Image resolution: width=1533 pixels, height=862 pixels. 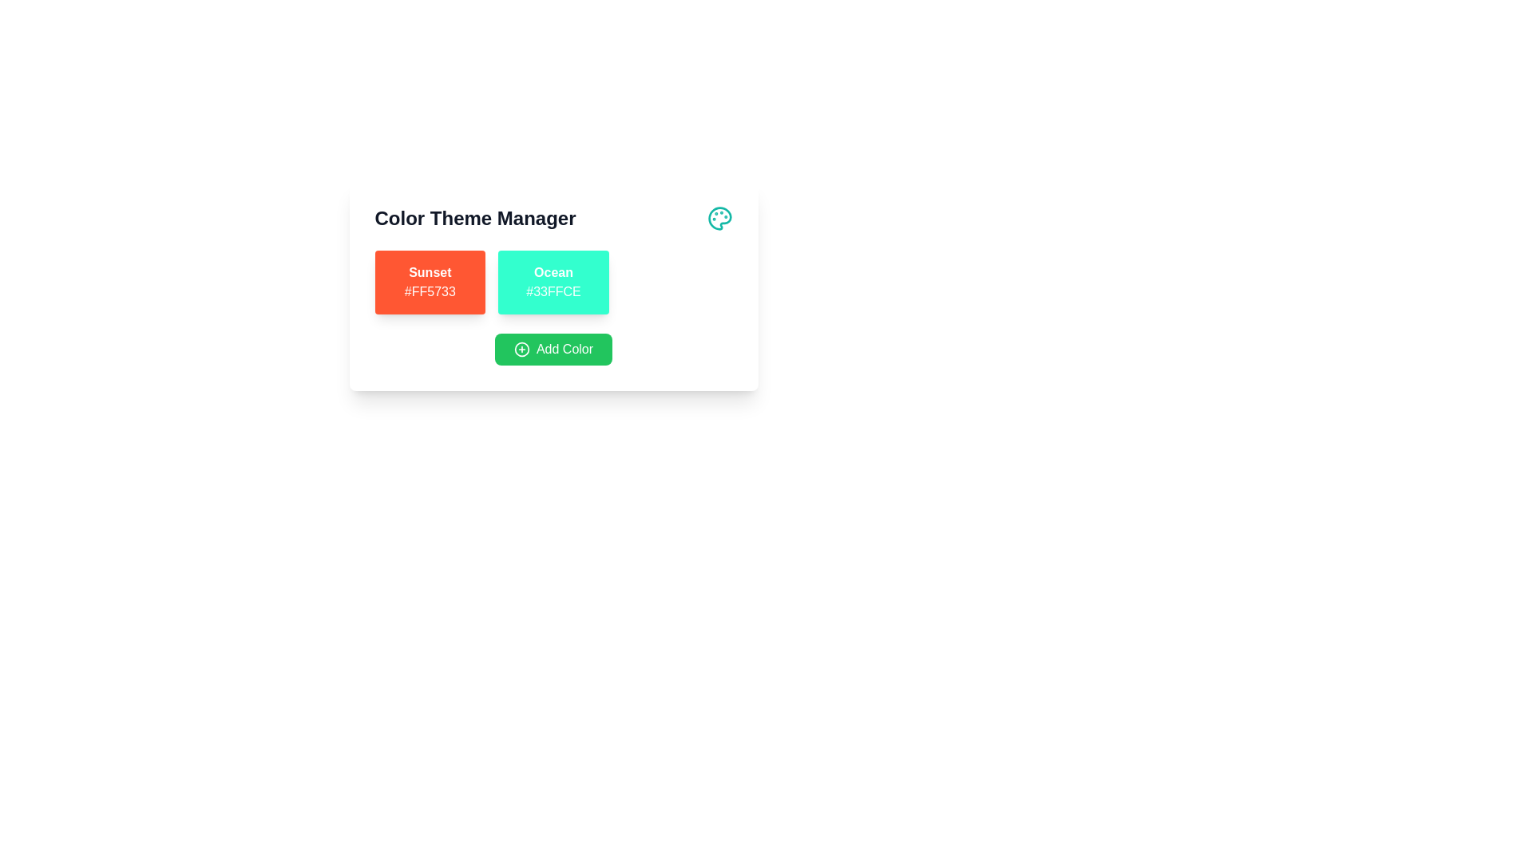 What do you see at coordinates (553, 349) in the screenshot?
I see `the green 'Add Color' button with rounded corners located below the 'Sunset' and 'Ocean' colored blocks in the 'Color Theme Manager' to initiate the color addition process` at bounding box center [553, 349].